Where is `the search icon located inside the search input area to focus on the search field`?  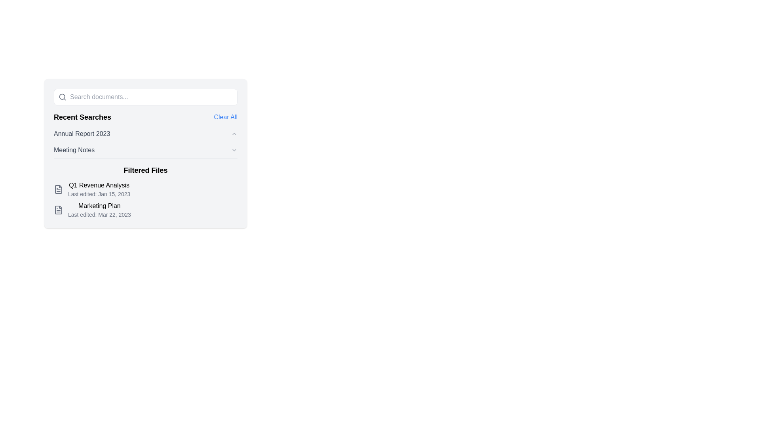 the search icon located inside the search input area to focus on the search field is located at coordinates (62, 97).